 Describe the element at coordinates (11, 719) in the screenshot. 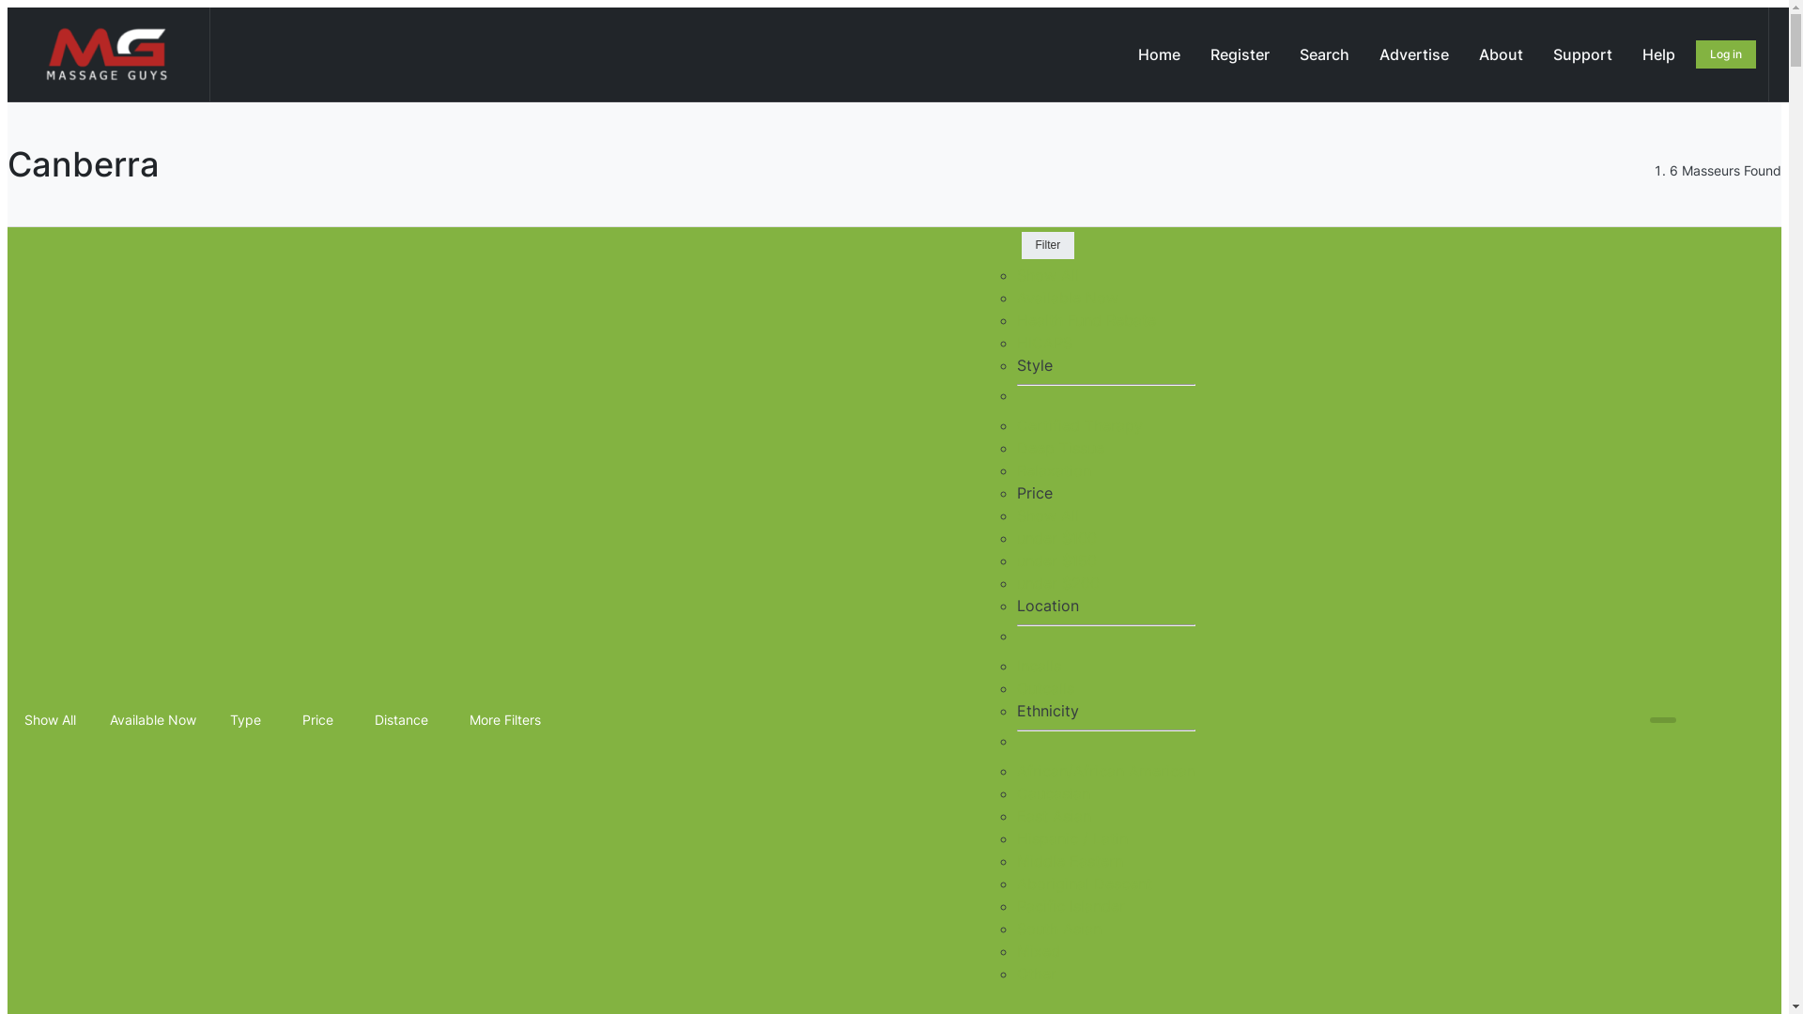

I see `'Show All'` at that location.